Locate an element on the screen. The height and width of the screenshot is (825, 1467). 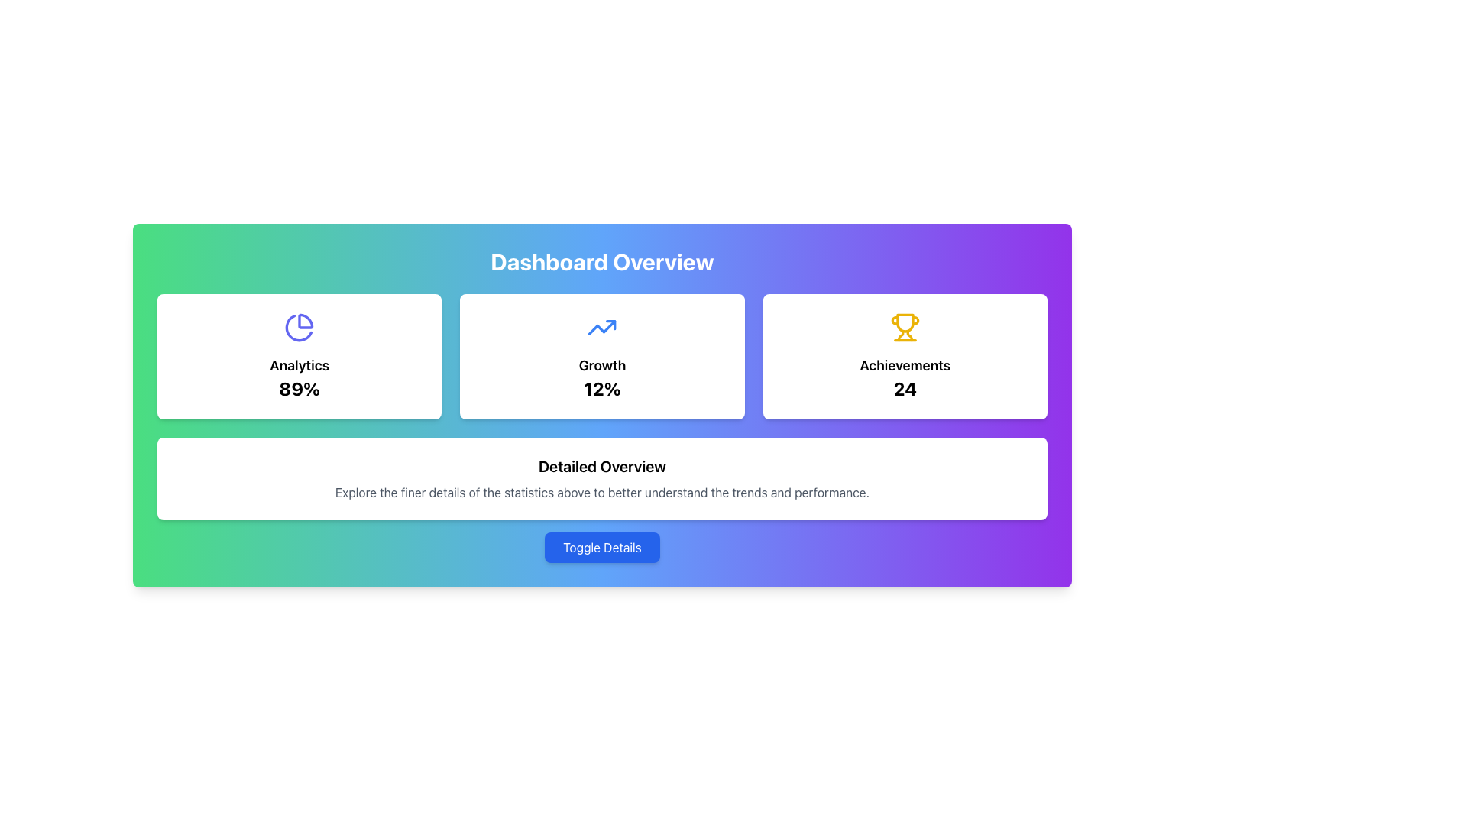
the achievements card is located at coordinates (905, 356).